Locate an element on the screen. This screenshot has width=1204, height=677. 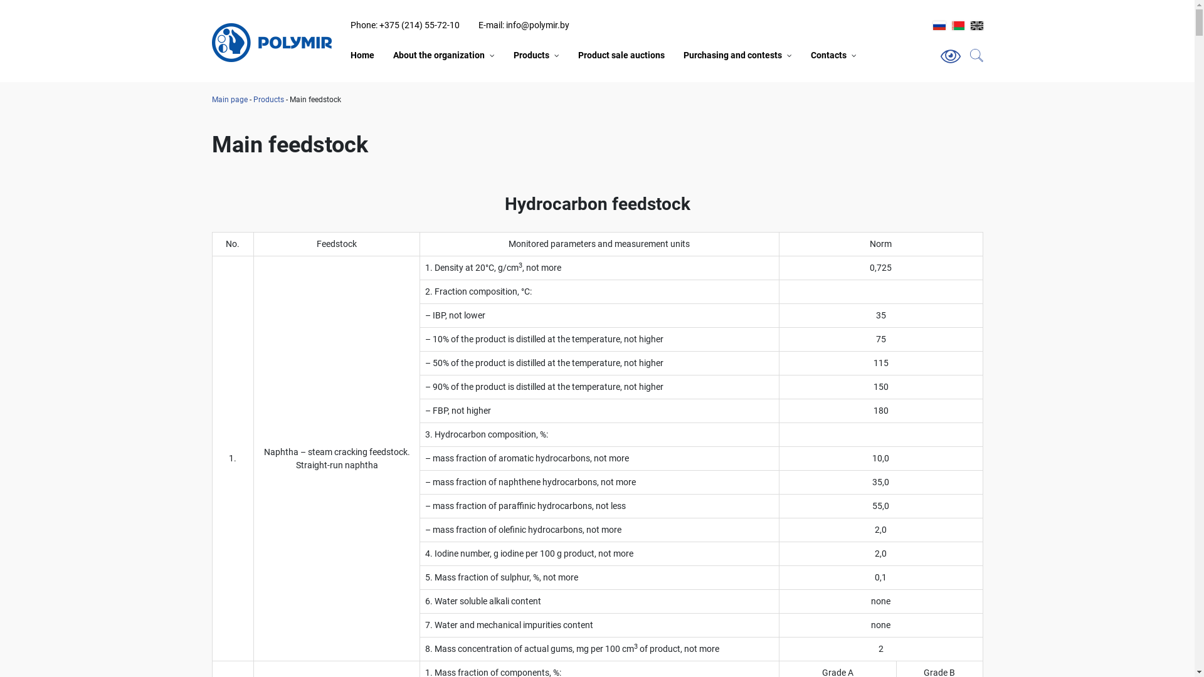
'Purchasing and contests' is located at coordinates (682, 55).